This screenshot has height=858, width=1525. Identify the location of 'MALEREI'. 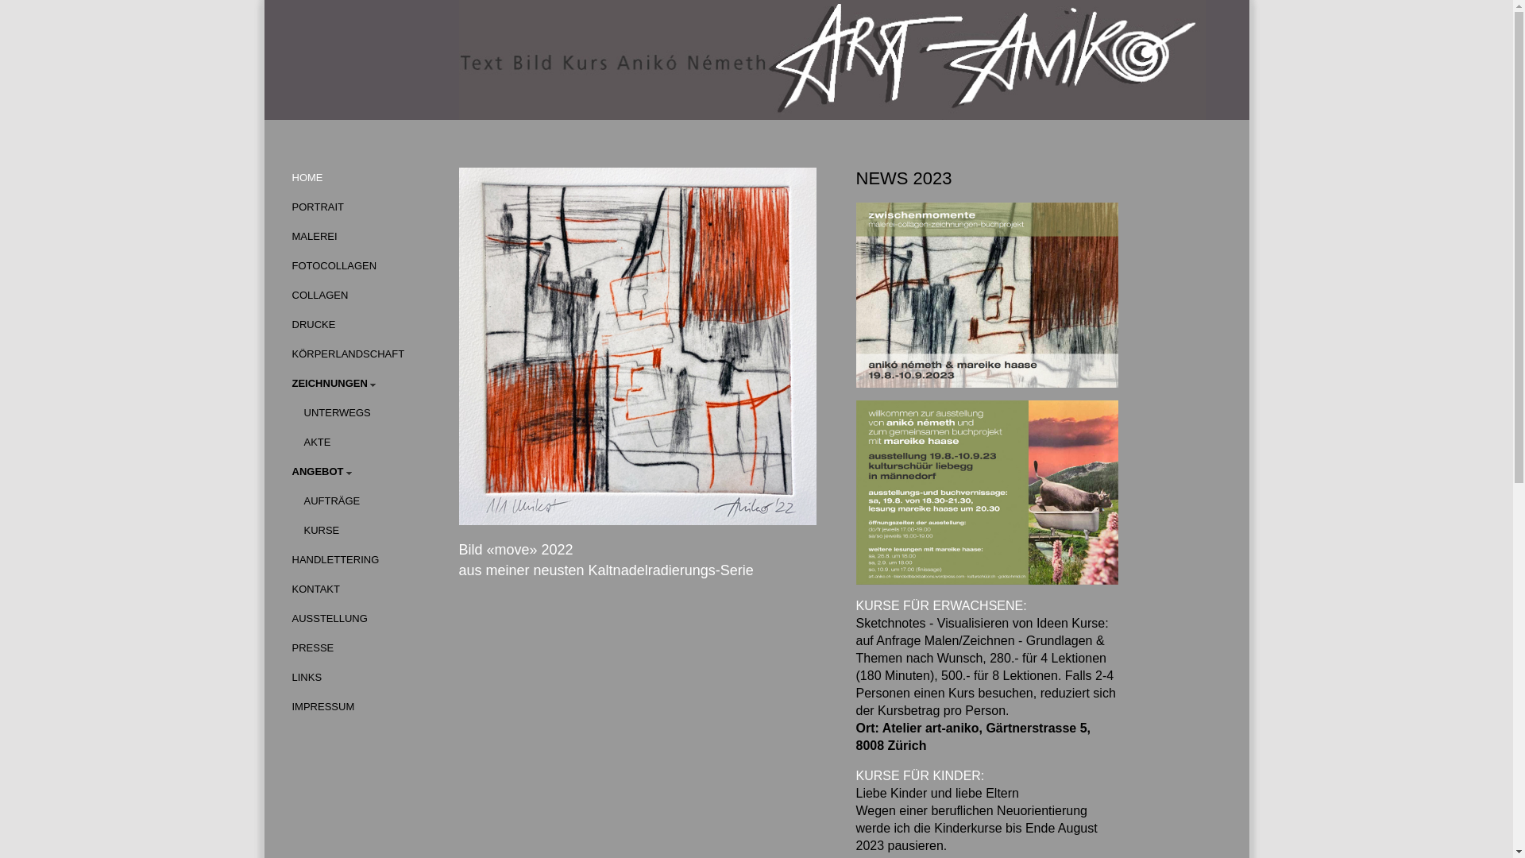
(366, 237).